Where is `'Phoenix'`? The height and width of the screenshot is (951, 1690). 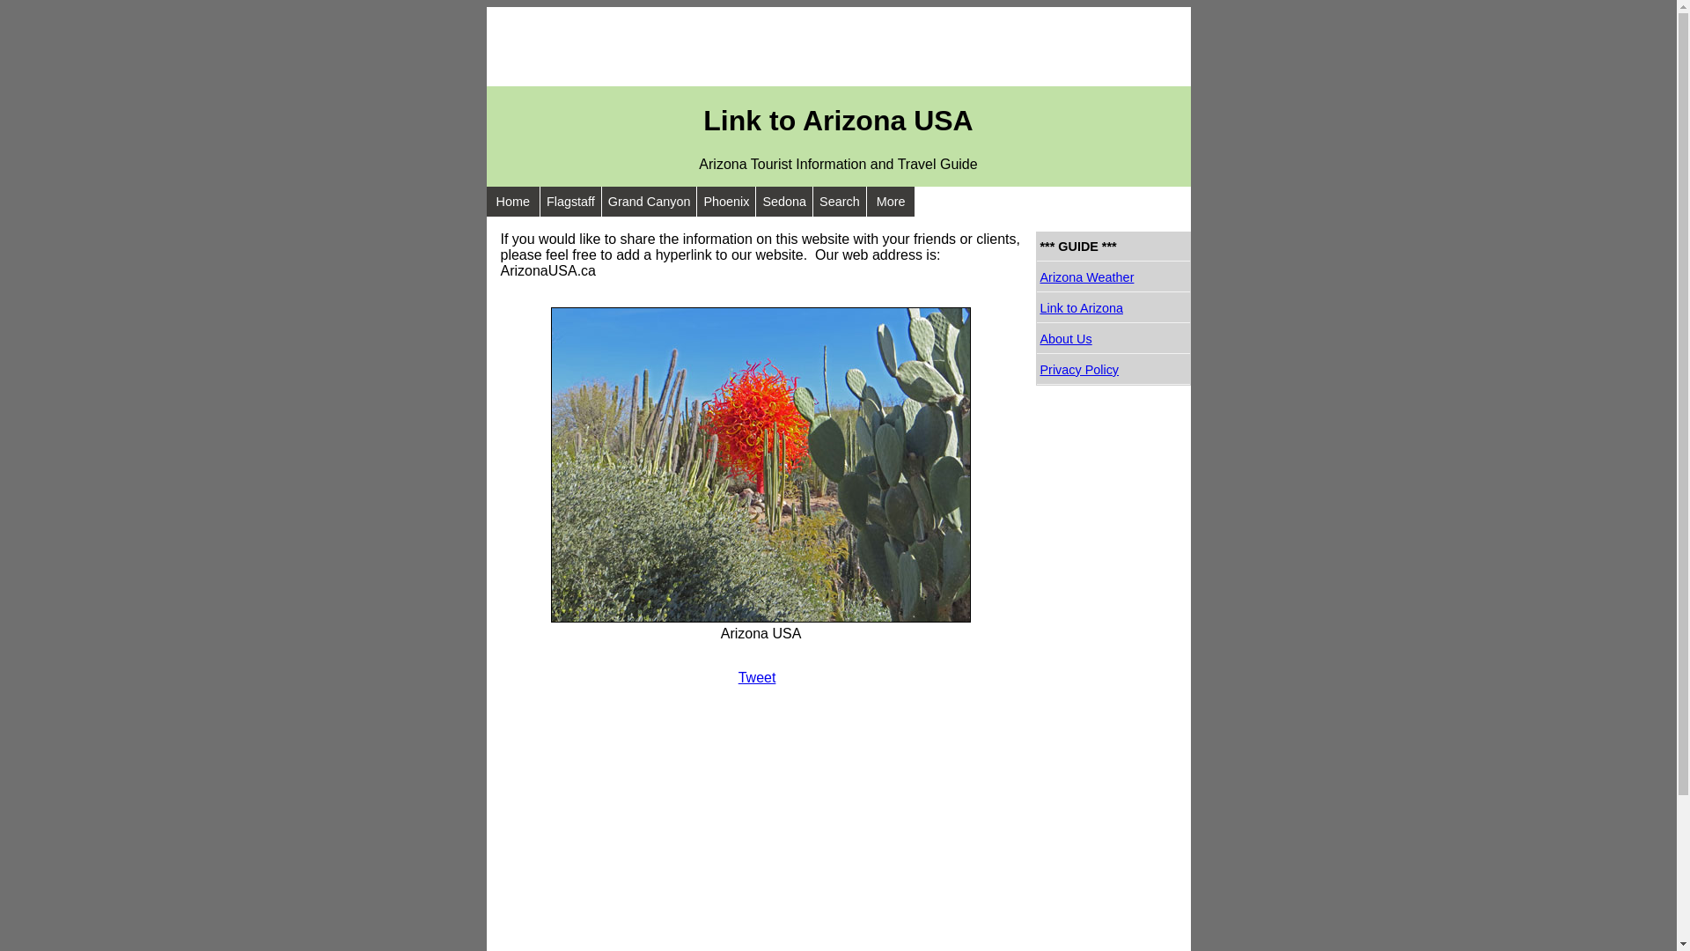
'Phoenix' is located at coordinates (726, 200).